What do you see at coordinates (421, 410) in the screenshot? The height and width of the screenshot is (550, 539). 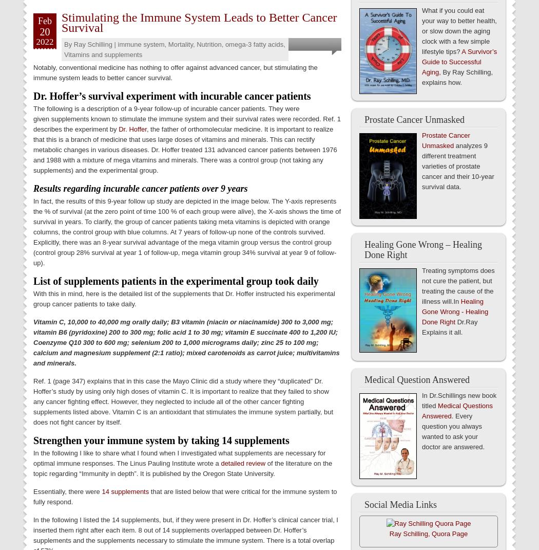 I see `'Medical Questions Answered'` at bounding box center [421, 410].